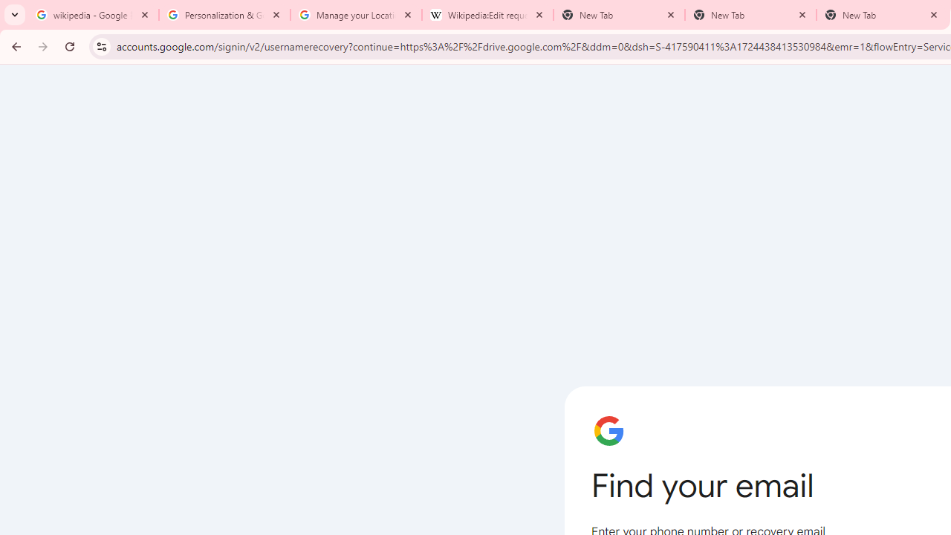 Image resolution: width=951 pixels, height=535 pixels. I want to click on 'New Tab', so click(750, 15).